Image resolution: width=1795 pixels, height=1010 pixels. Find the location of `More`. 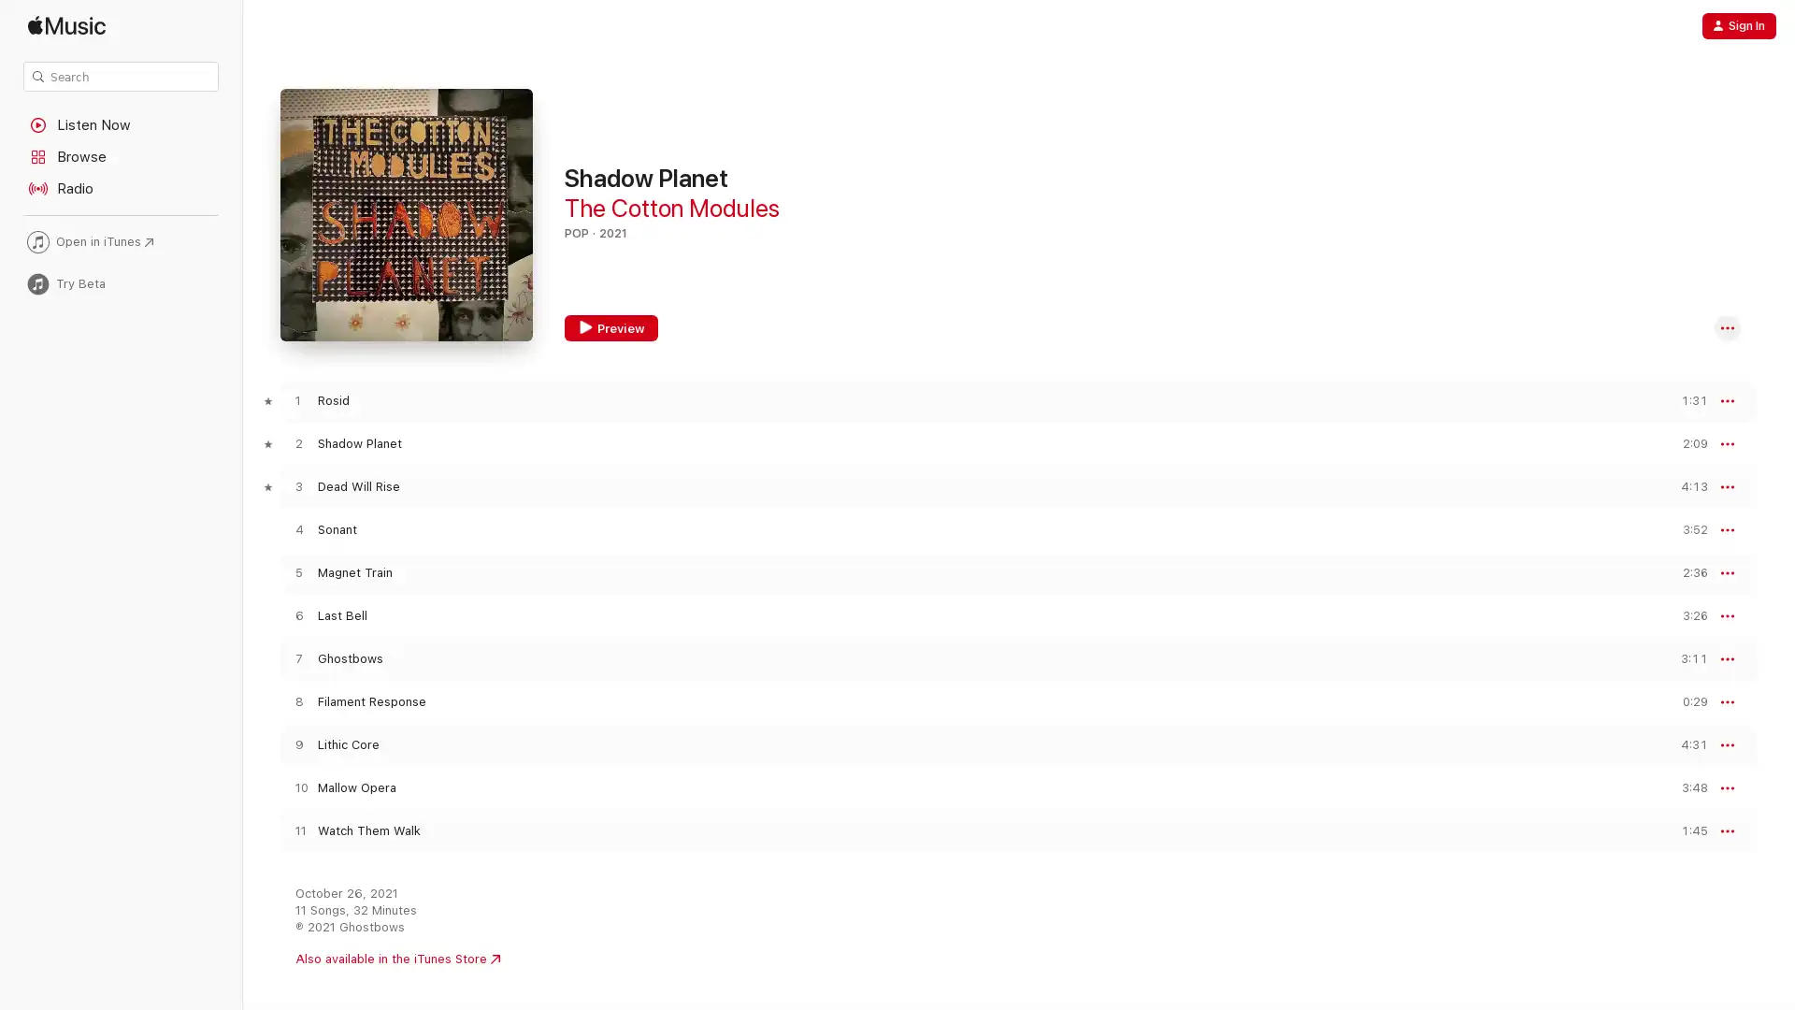

More is located at coordinates (1727, 443).